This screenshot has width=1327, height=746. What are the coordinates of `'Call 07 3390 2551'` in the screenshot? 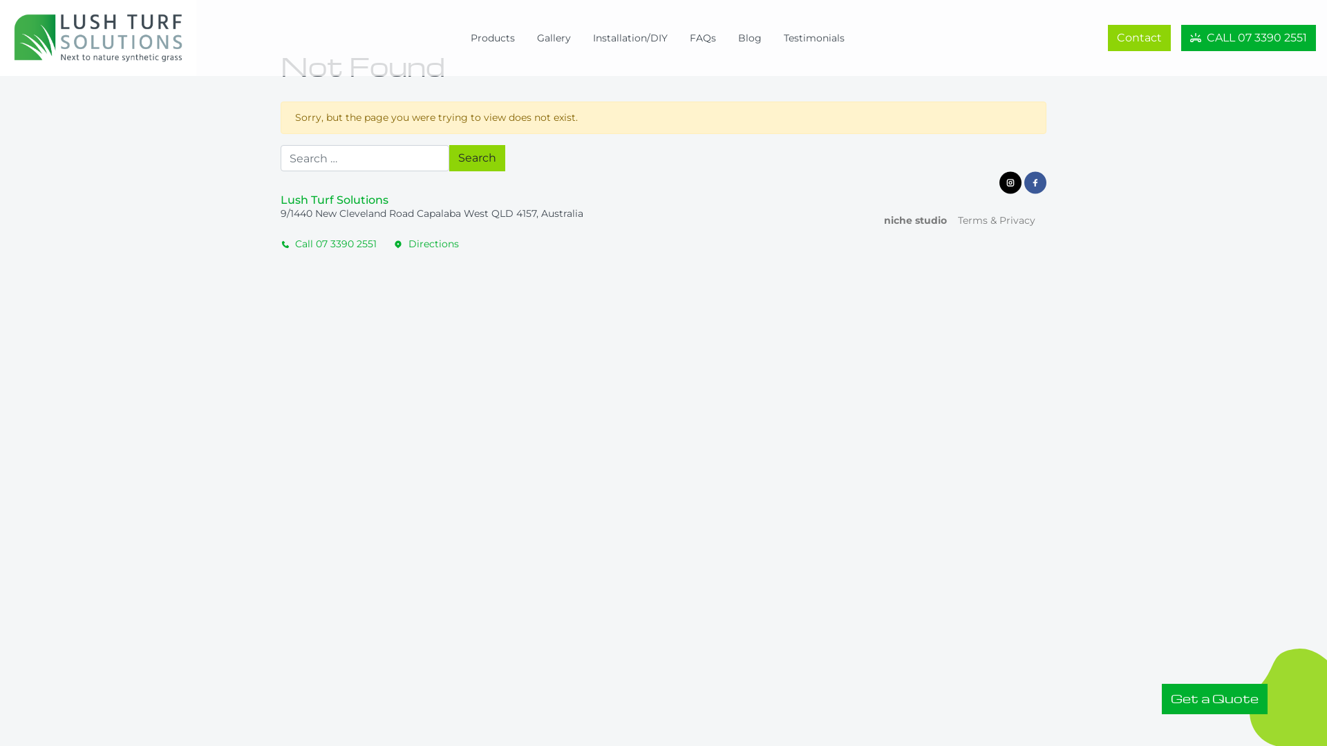 It's located at (332, 243).